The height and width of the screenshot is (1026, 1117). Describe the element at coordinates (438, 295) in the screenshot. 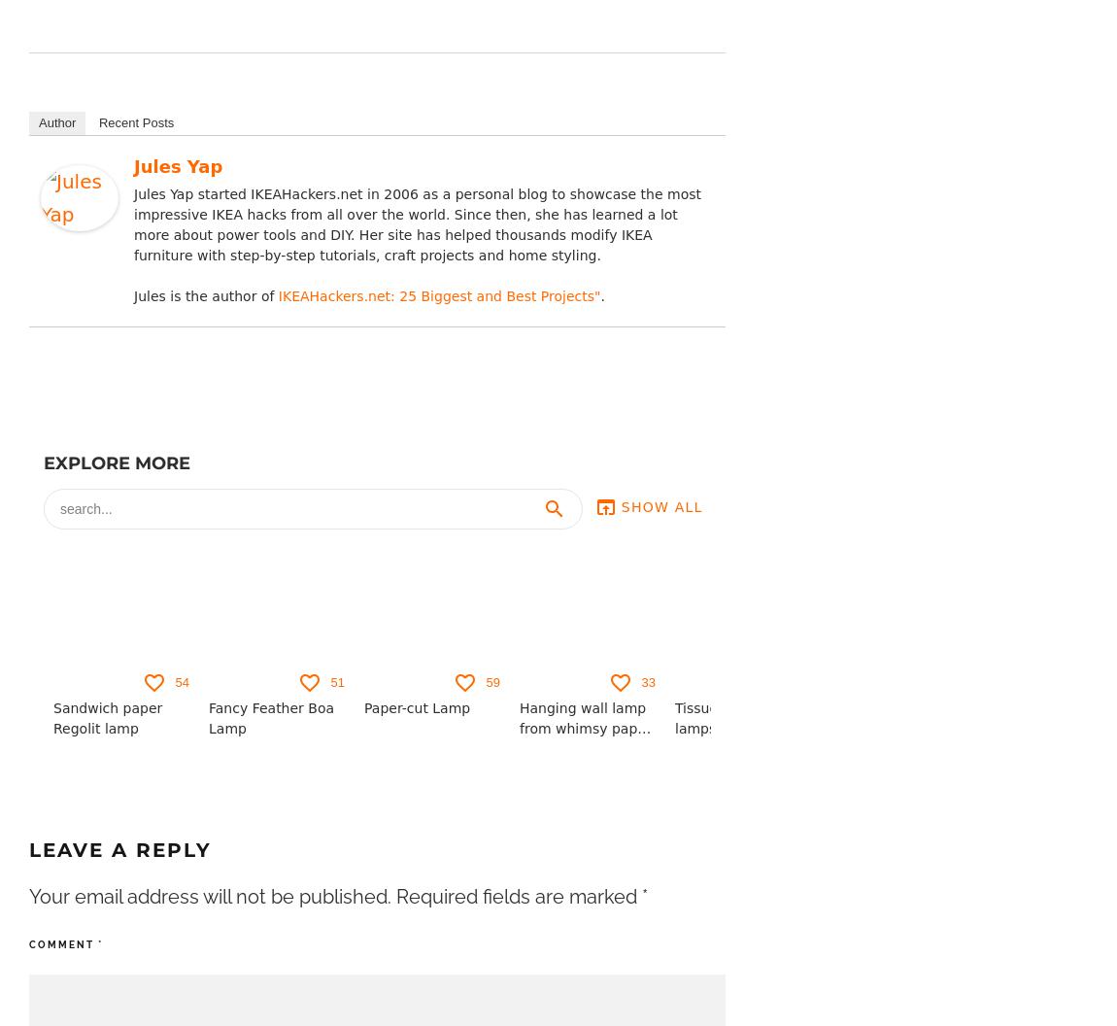

I see `'IKEAHackers.net: 25 Biggest and Best Projects"'` at that location.